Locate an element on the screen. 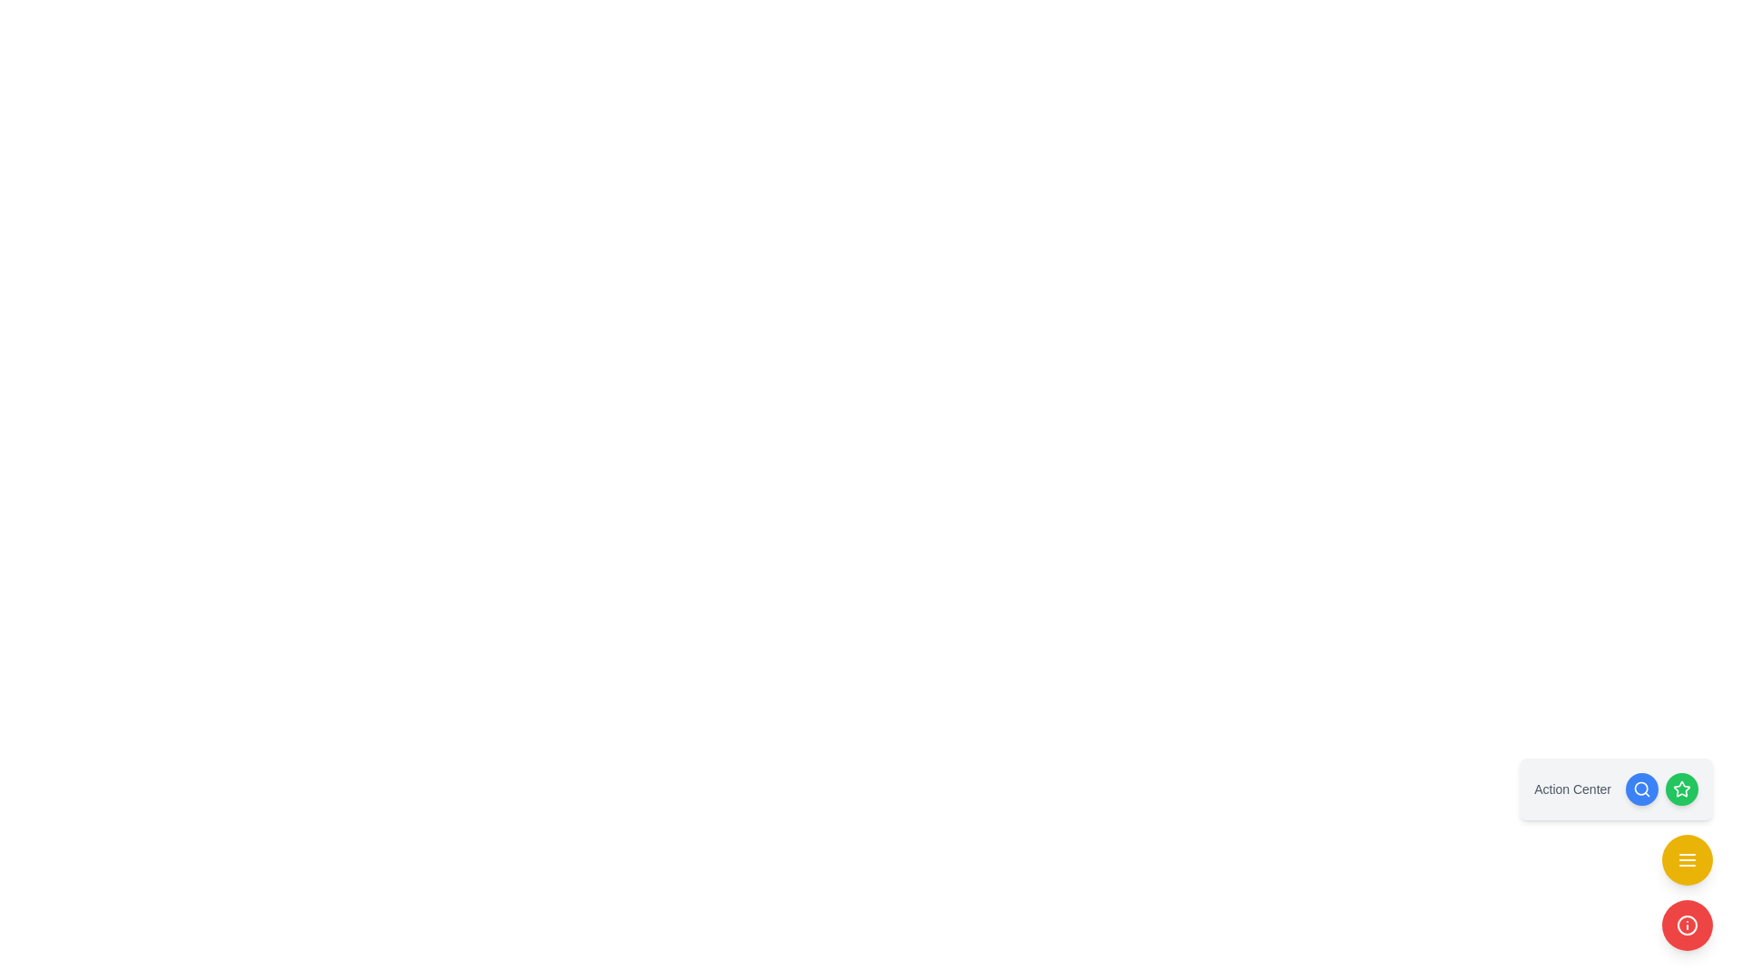 This screenshot has width=1742, height=980. the magnifying glass icon button with a blue circular background in the top-right corner of the Action Center bar to initiate a search is located at coordinates (1641, 789).